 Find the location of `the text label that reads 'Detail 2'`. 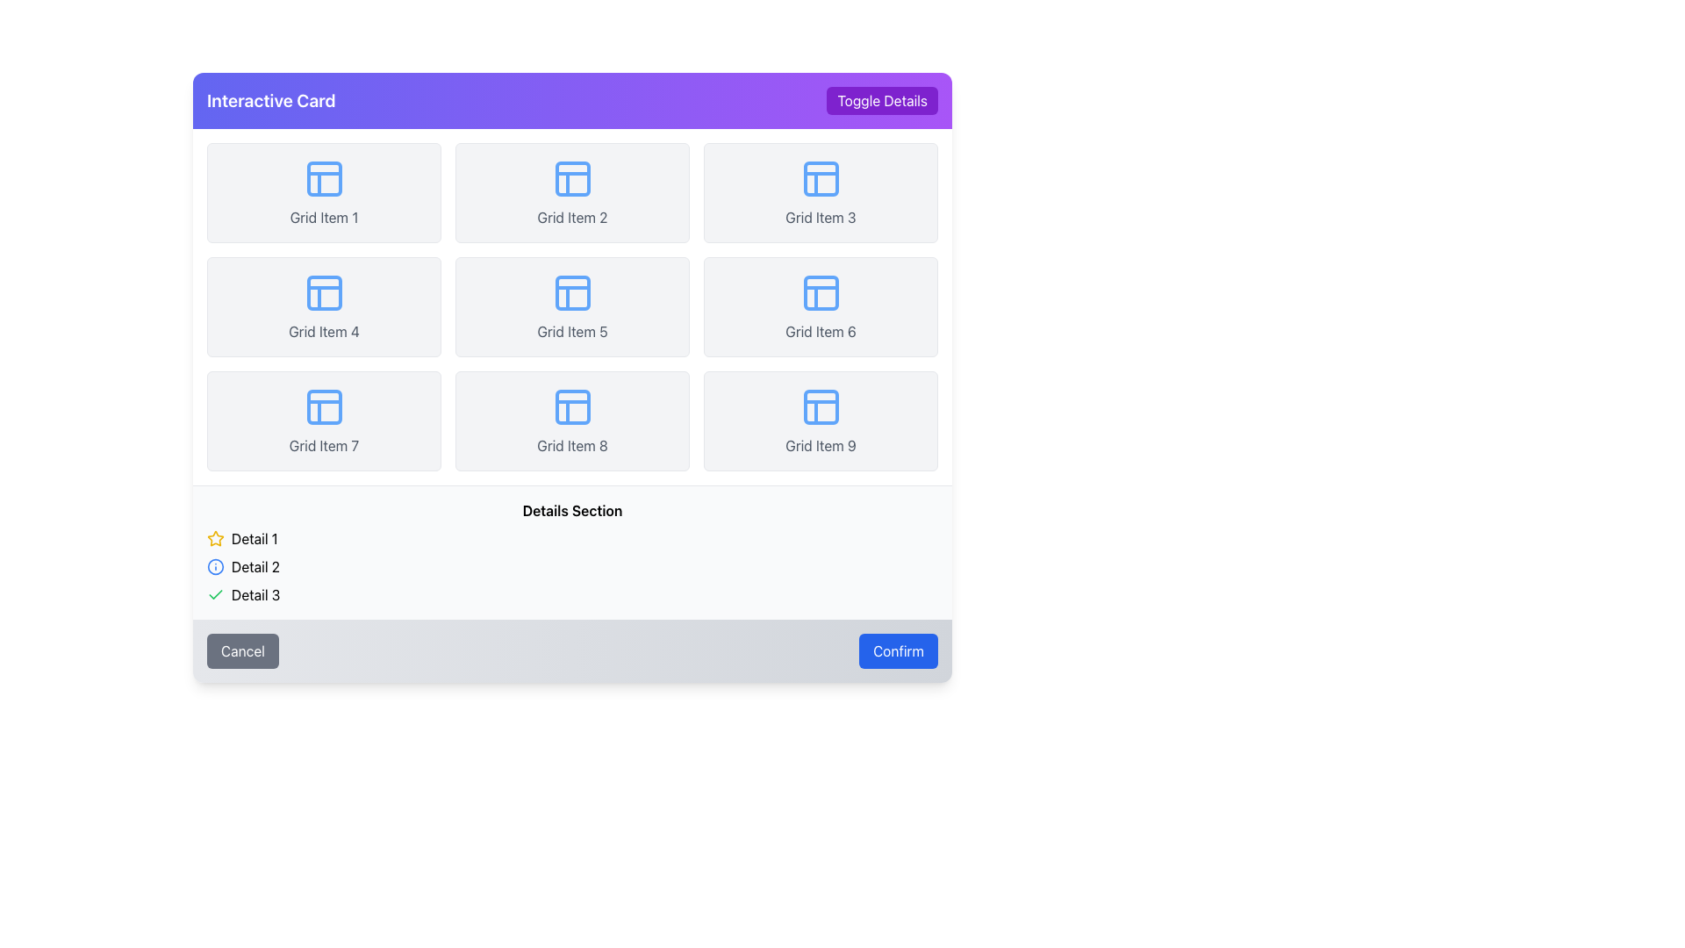

the text label that reads 'Detail 2' is located at coordinates (255, 566).